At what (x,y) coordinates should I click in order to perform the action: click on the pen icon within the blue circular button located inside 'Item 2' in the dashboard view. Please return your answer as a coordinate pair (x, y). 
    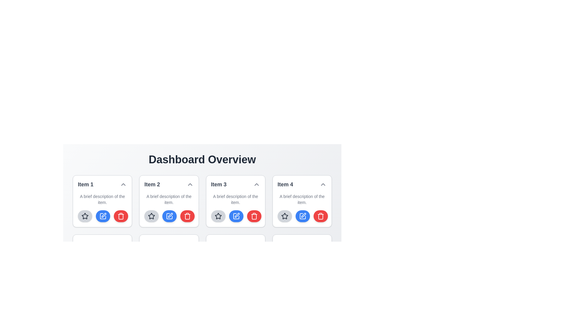
    Looking at the image, I should click on (169, 216).